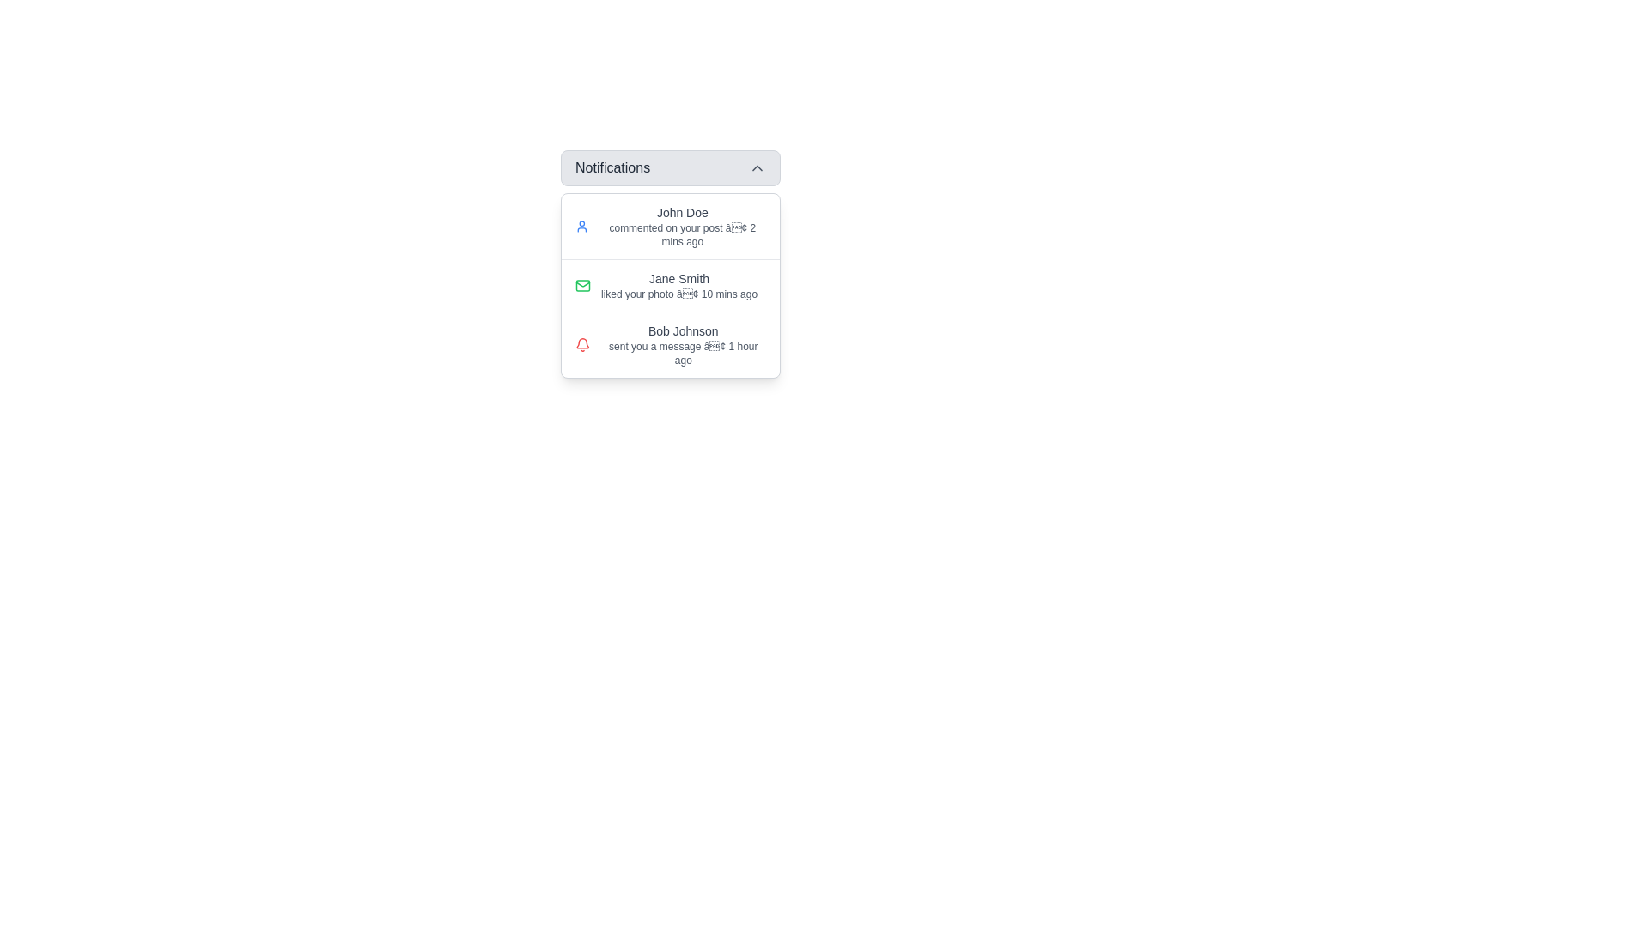 The image size is (1649, 927). Describe the element at coordinates (678, 284) in the screenshot. I see `the notification text block displaying 'Jane Smith liked your photo • 10 mins ago', which is the second notification in the list, to engage with surrounding elements` at that location.